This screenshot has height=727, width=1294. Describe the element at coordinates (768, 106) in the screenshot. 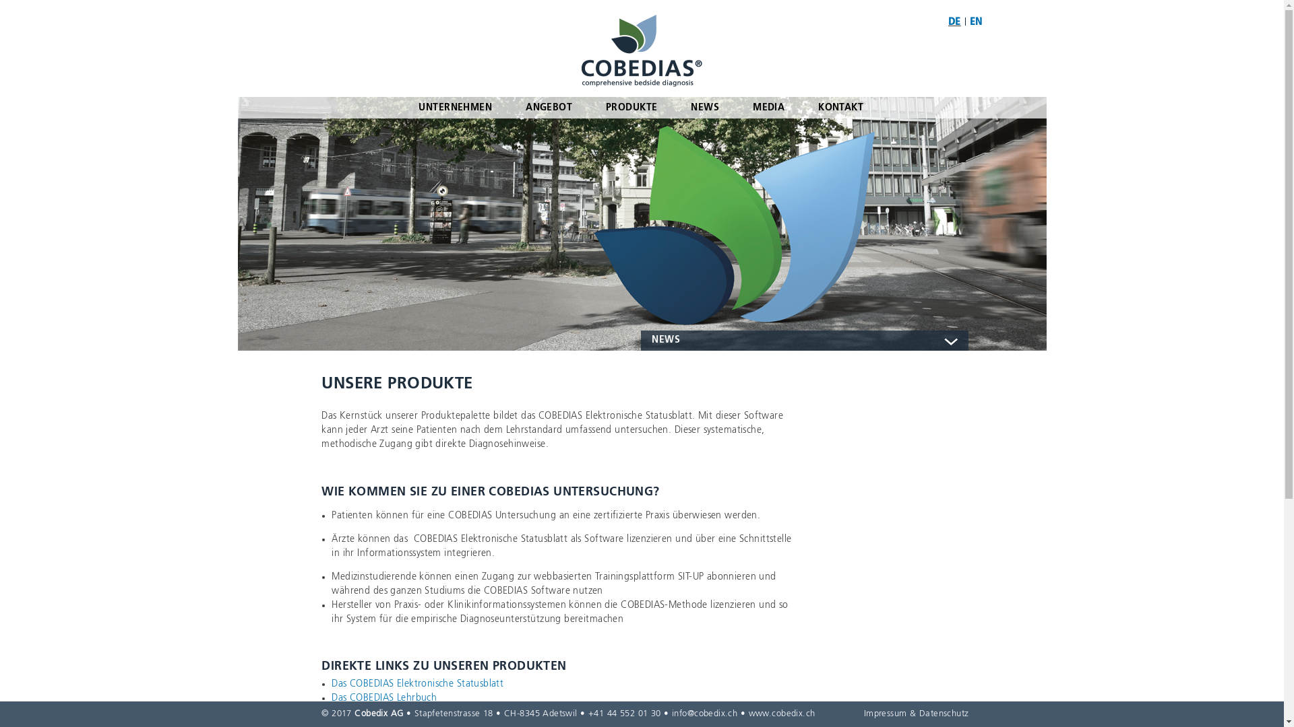

I see `'MEDIA'` at that location.